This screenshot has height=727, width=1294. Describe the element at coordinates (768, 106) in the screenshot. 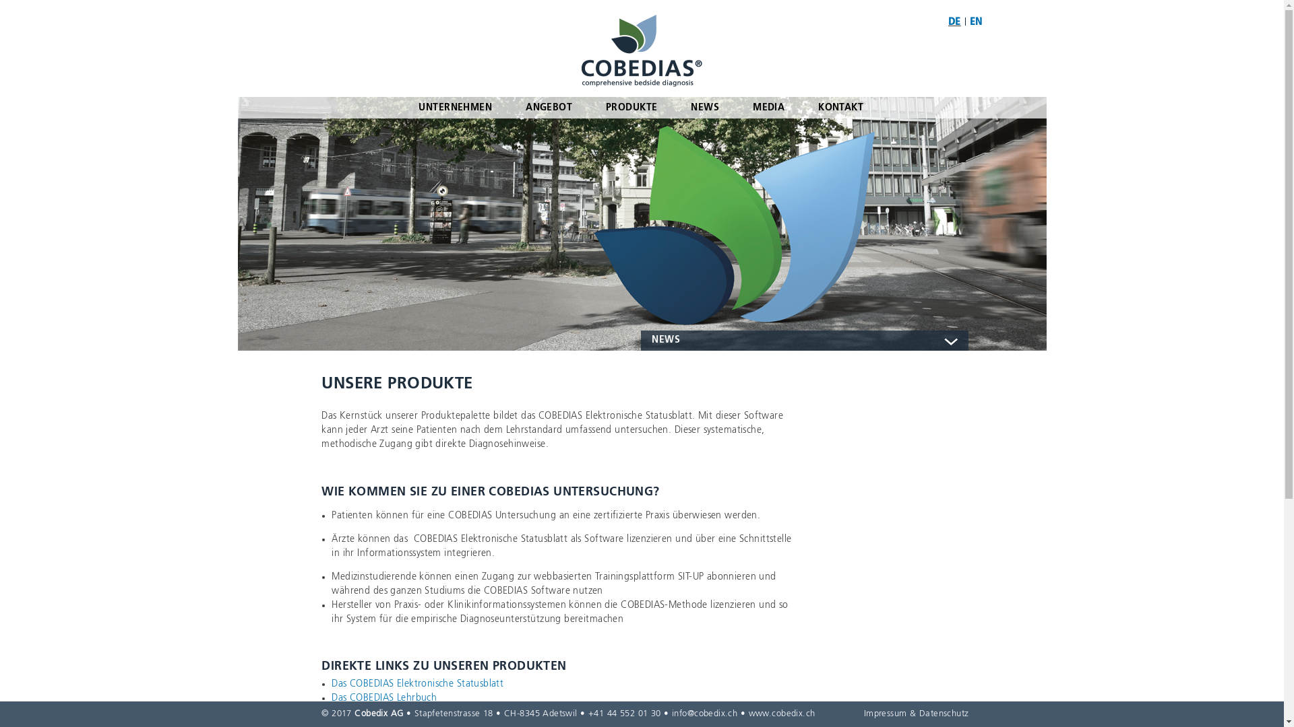

I see `'MEDIA'` at that location.